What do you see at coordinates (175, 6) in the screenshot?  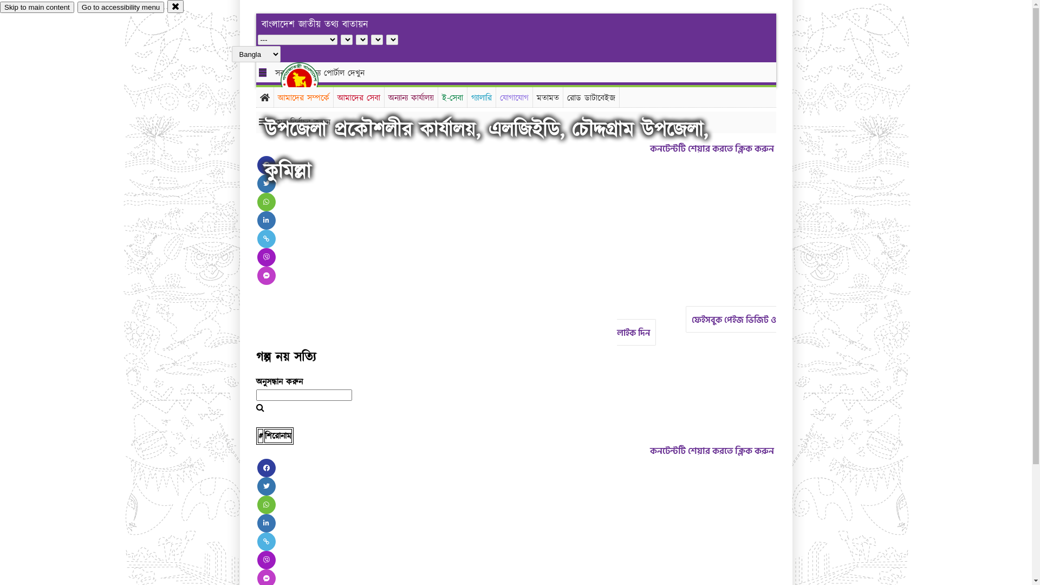 I see `'close'` at bounding box center [175, 6].